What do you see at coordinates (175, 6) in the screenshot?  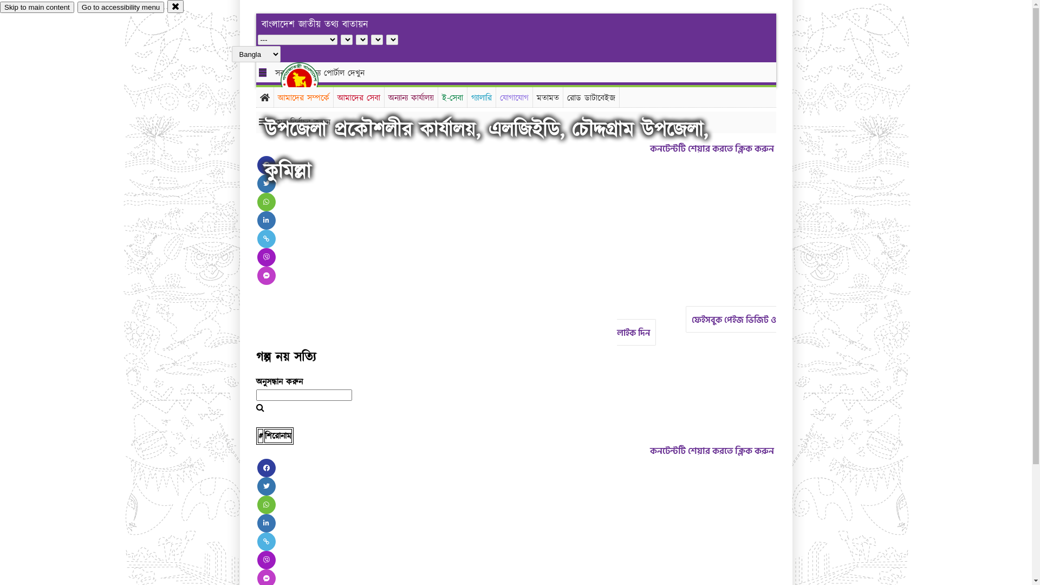 I see `'close'` at bounding box center [175, 6].